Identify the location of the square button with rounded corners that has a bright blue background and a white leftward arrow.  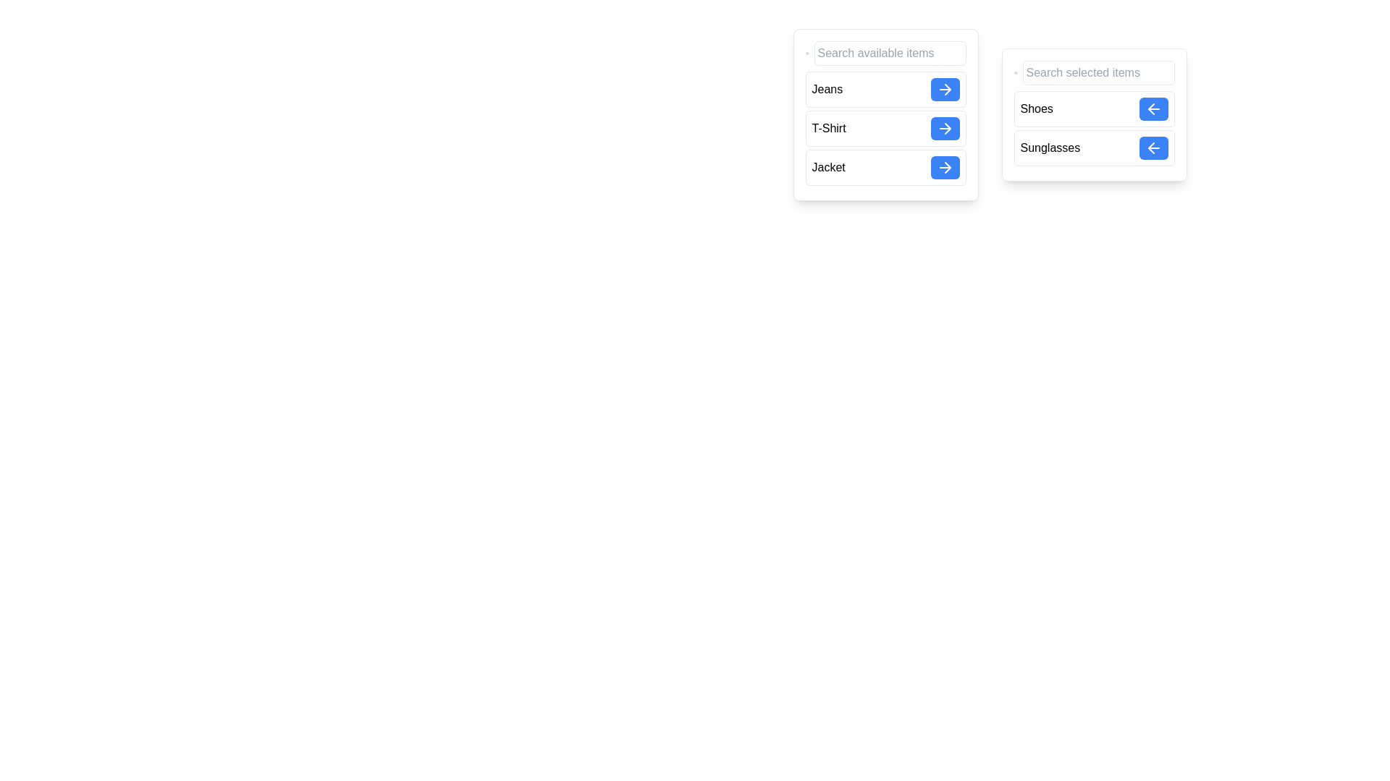
(1153, 148).